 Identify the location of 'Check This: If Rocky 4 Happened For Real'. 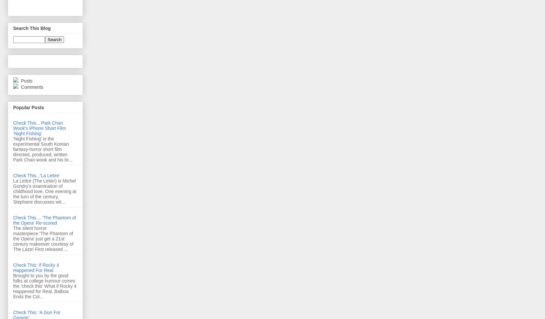
(36, 267).